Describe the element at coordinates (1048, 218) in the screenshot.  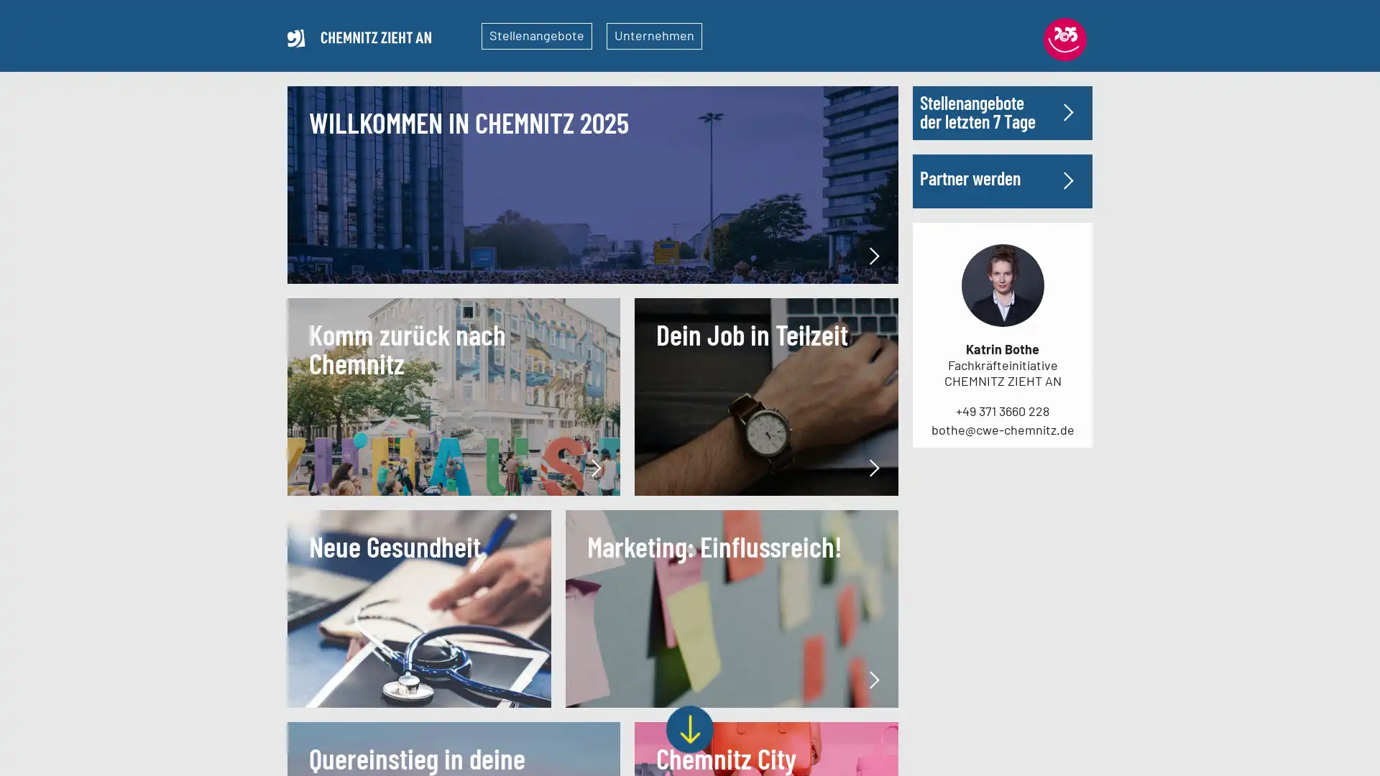
I see `Suchen` at that location.